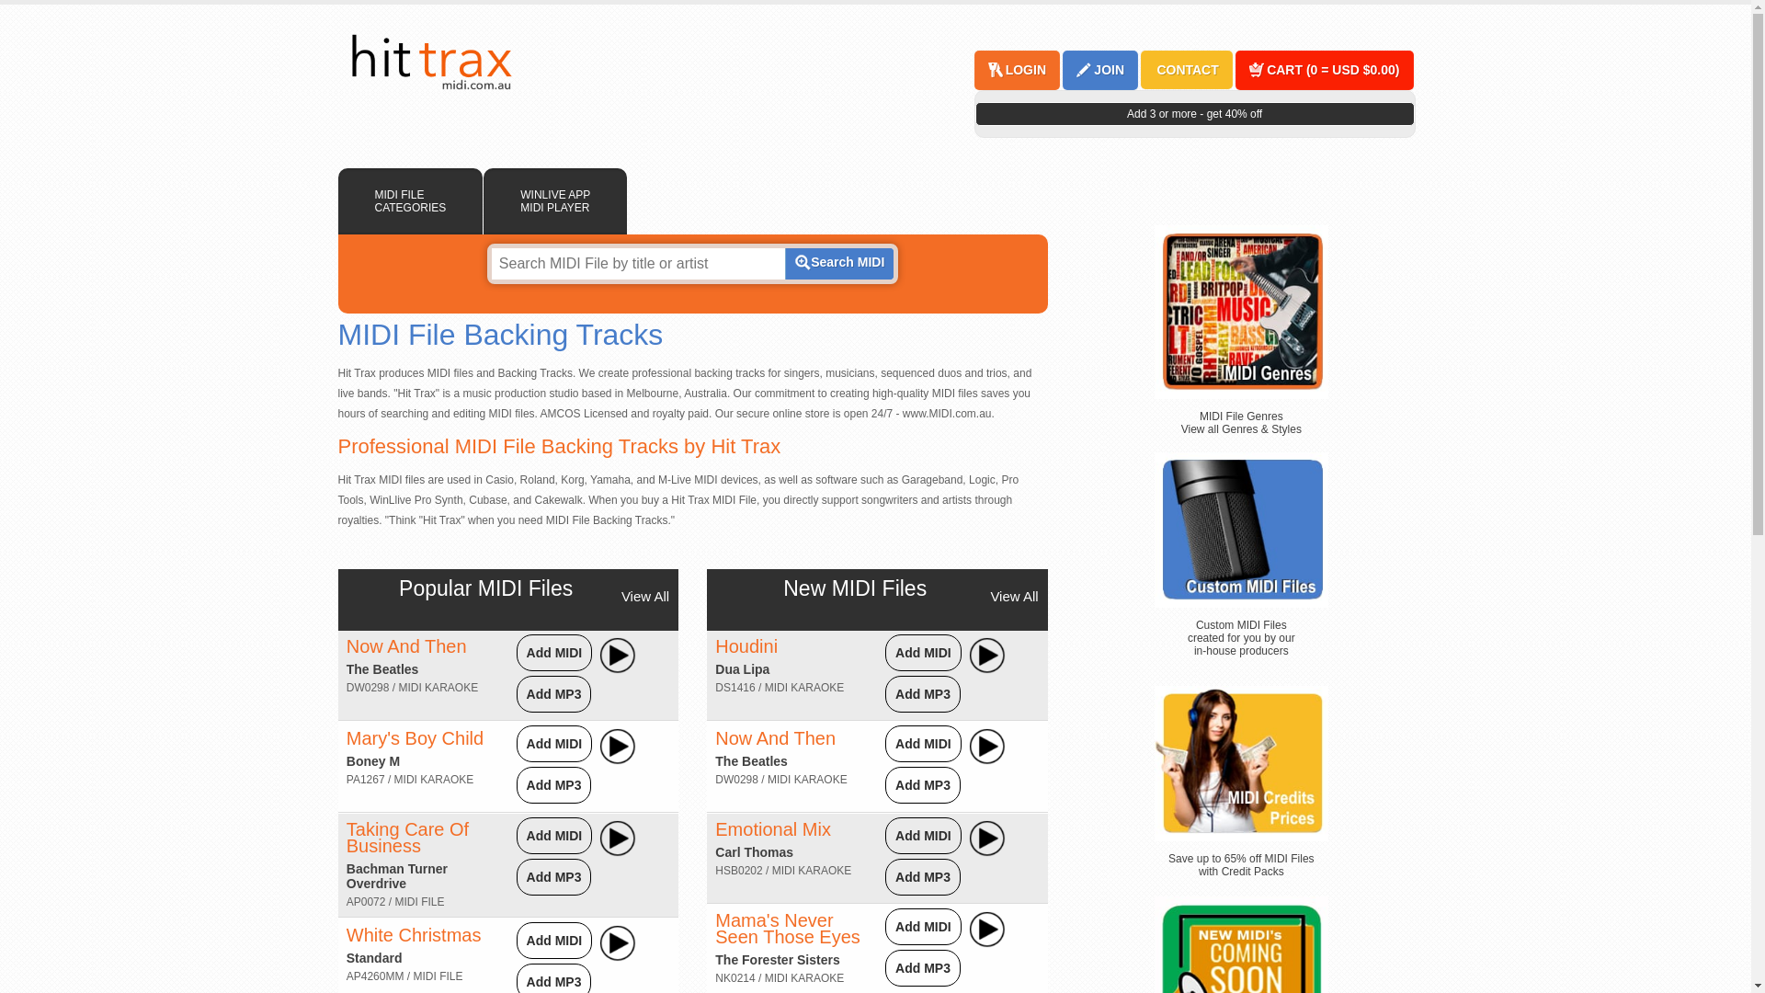 The image size is (1765, 993). Describe the element at coordinates (742, 669) in the screenshot. I see `'Dua Lipa'` at that location.